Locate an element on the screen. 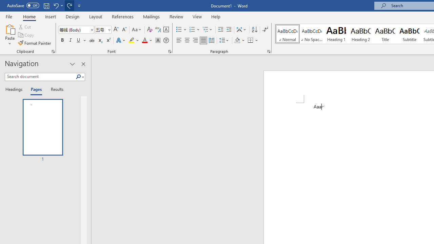  'Borders' is located at coordinates (250, 40).